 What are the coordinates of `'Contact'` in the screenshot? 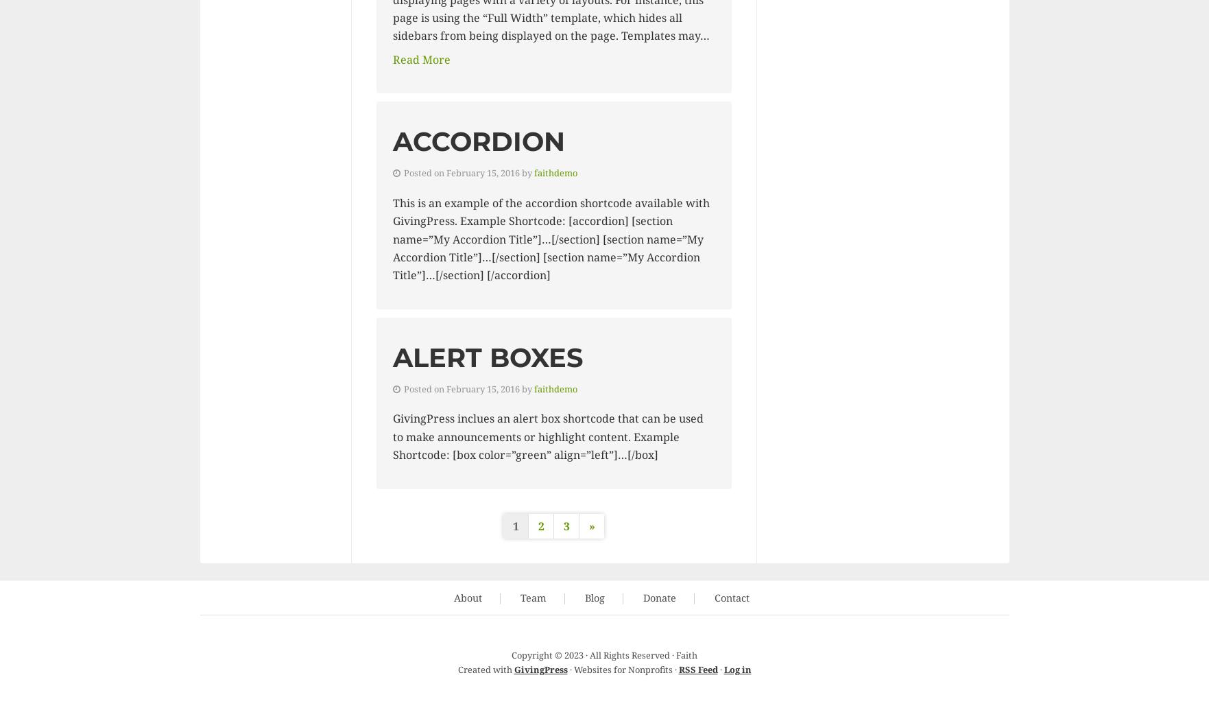 It's located at (731, 597).